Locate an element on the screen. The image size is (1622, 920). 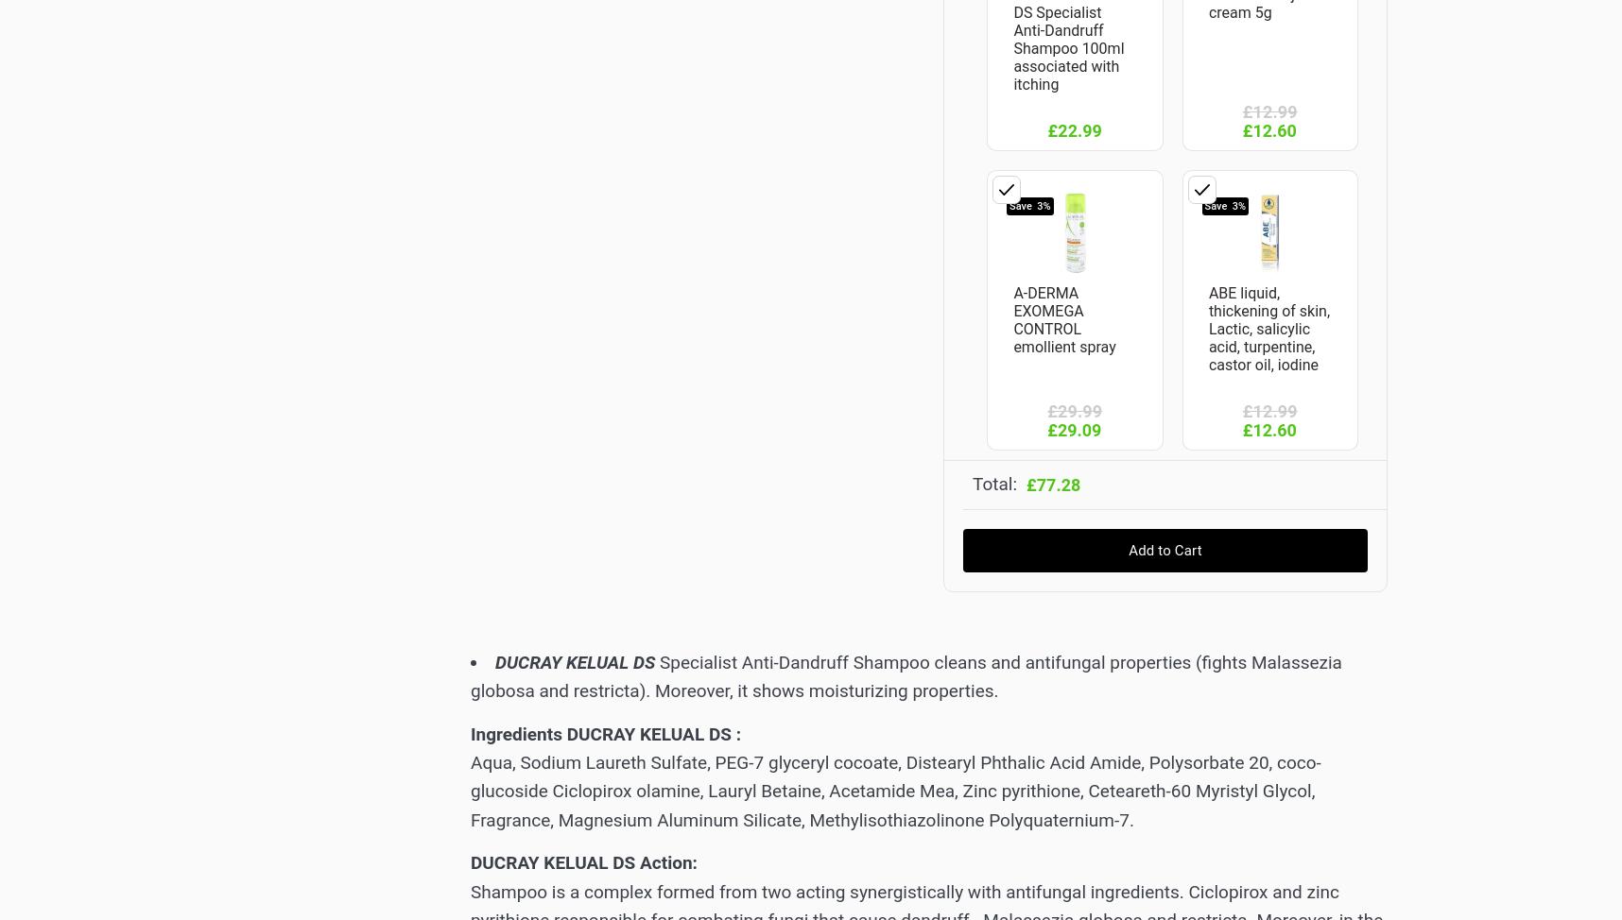
'Aqua, Sodium Laureth Sulfate, PEG-7 glyceryl cocoate, Distearyl Phthalic Acid Amide, Polysorbate 20, coco-glucoside Ciclopirox olamine, Lauryl Betaine, Acetamide Mea, Zinc pyrithione, Ceteareth-60 Myristyl Glycol, Fragrance, Magnesium Aluminum Silicate, Methylisothiazolinone Polyquaternium-7.' is located at coordinates (894, 791).